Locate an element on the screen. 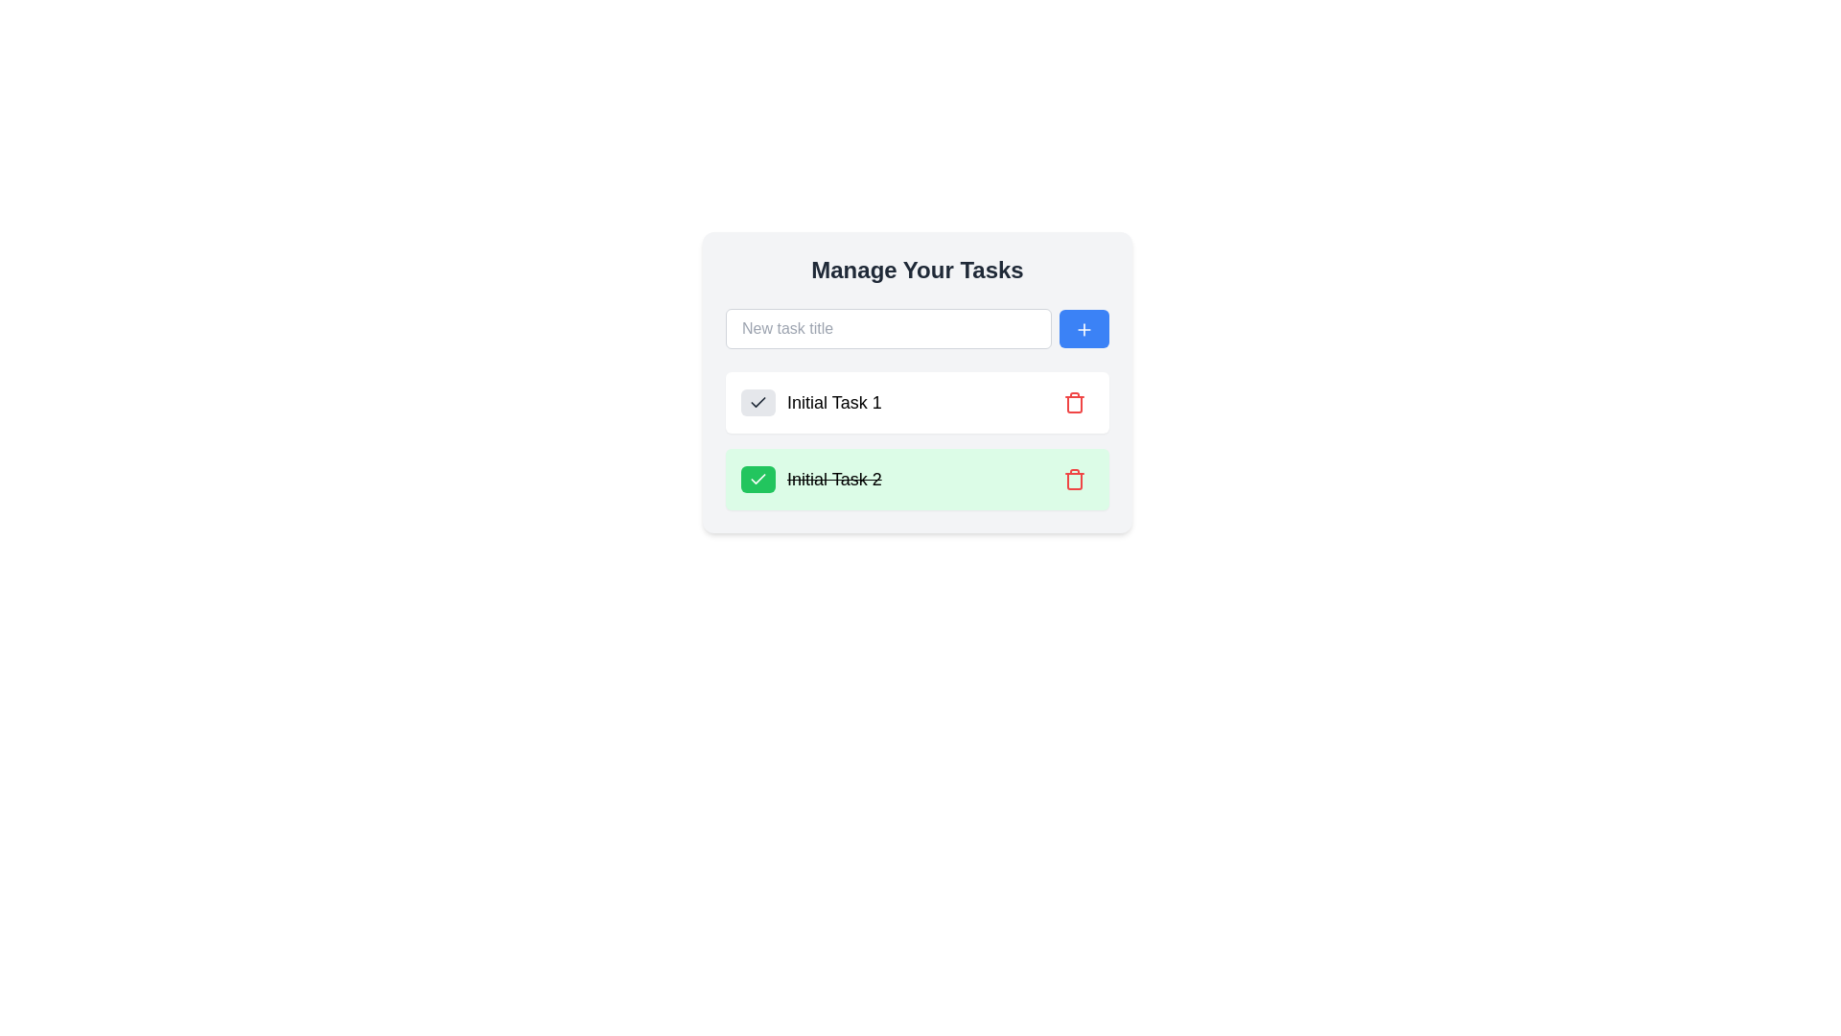  the checkmark icon indicating the completed status of the associated task, located to the left of the 'Initial Task 2' label in the 'Manage Your Tasks' interface is located at coordinates (757, 401).